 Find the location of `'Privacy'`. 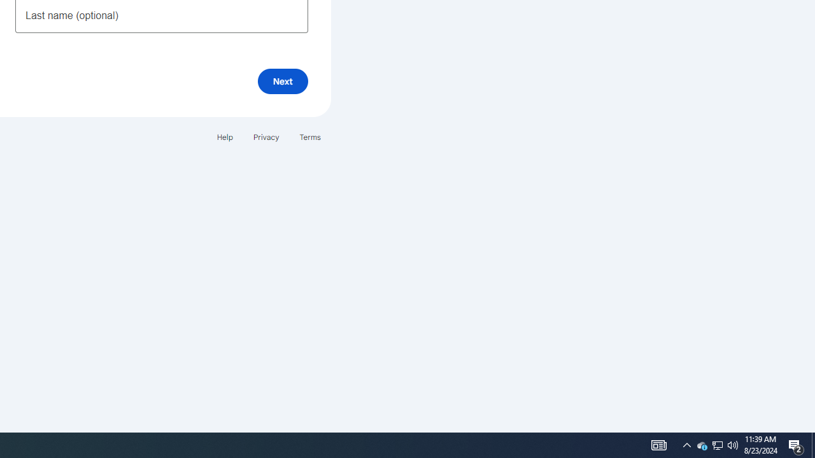

'Privacy' is located at coordinates (265, 137).